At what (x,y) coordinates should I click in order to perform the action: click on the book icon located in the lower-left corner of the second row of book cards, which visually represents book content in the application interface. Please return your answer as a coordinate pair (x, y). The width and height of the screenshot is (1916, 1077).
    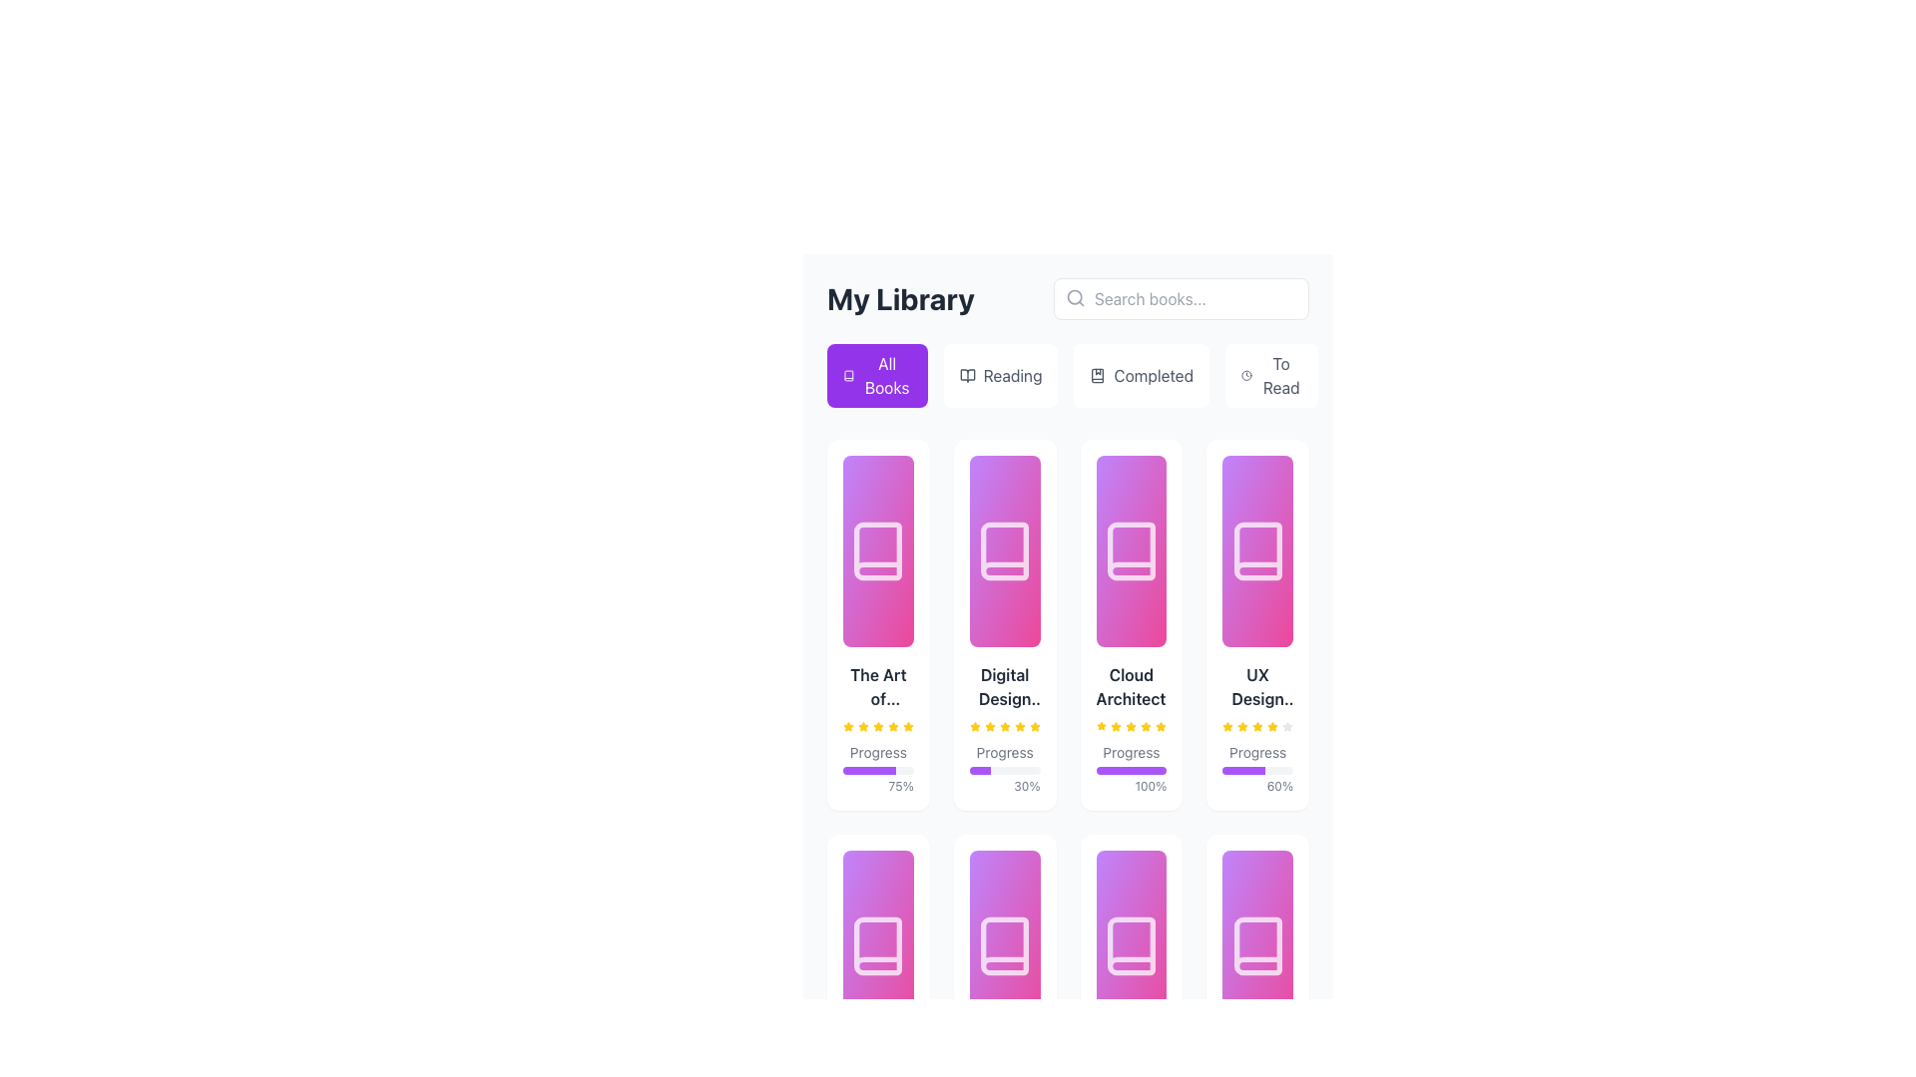
    Looking at the image, I should click on (878, 944).